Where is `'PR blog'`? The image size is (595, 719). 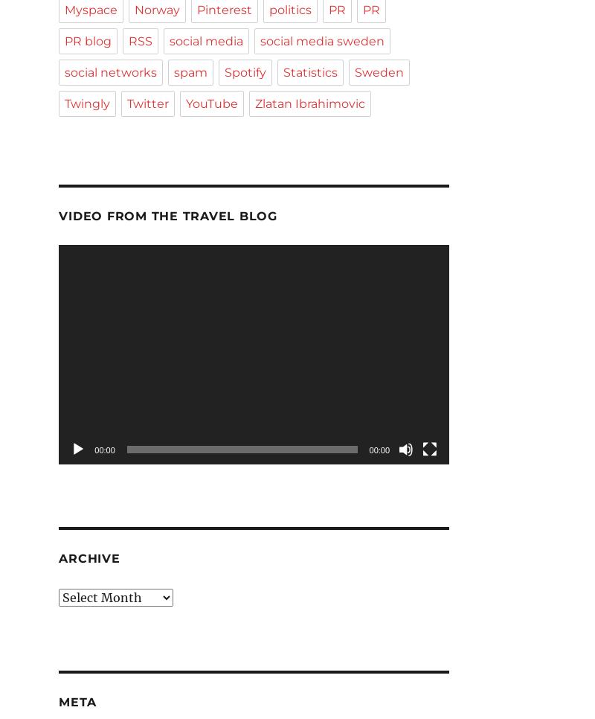 'PR blog' is located at coordinates (87, 41).